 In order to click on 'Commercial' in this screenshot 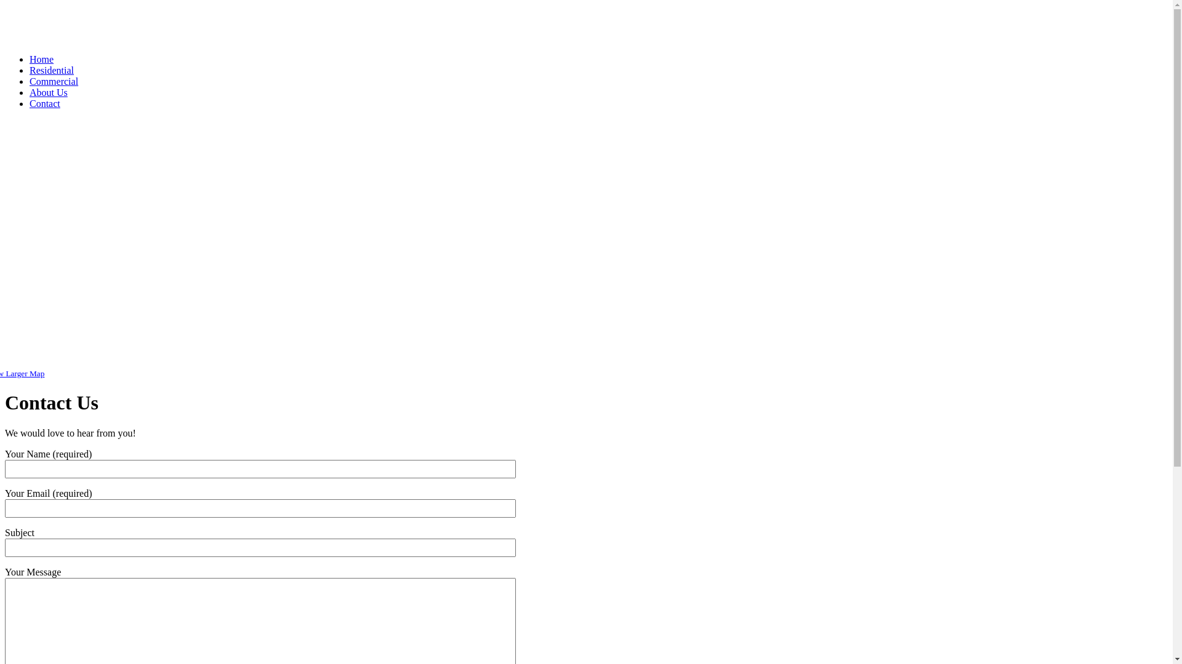, I will do `click(53, 81)`.